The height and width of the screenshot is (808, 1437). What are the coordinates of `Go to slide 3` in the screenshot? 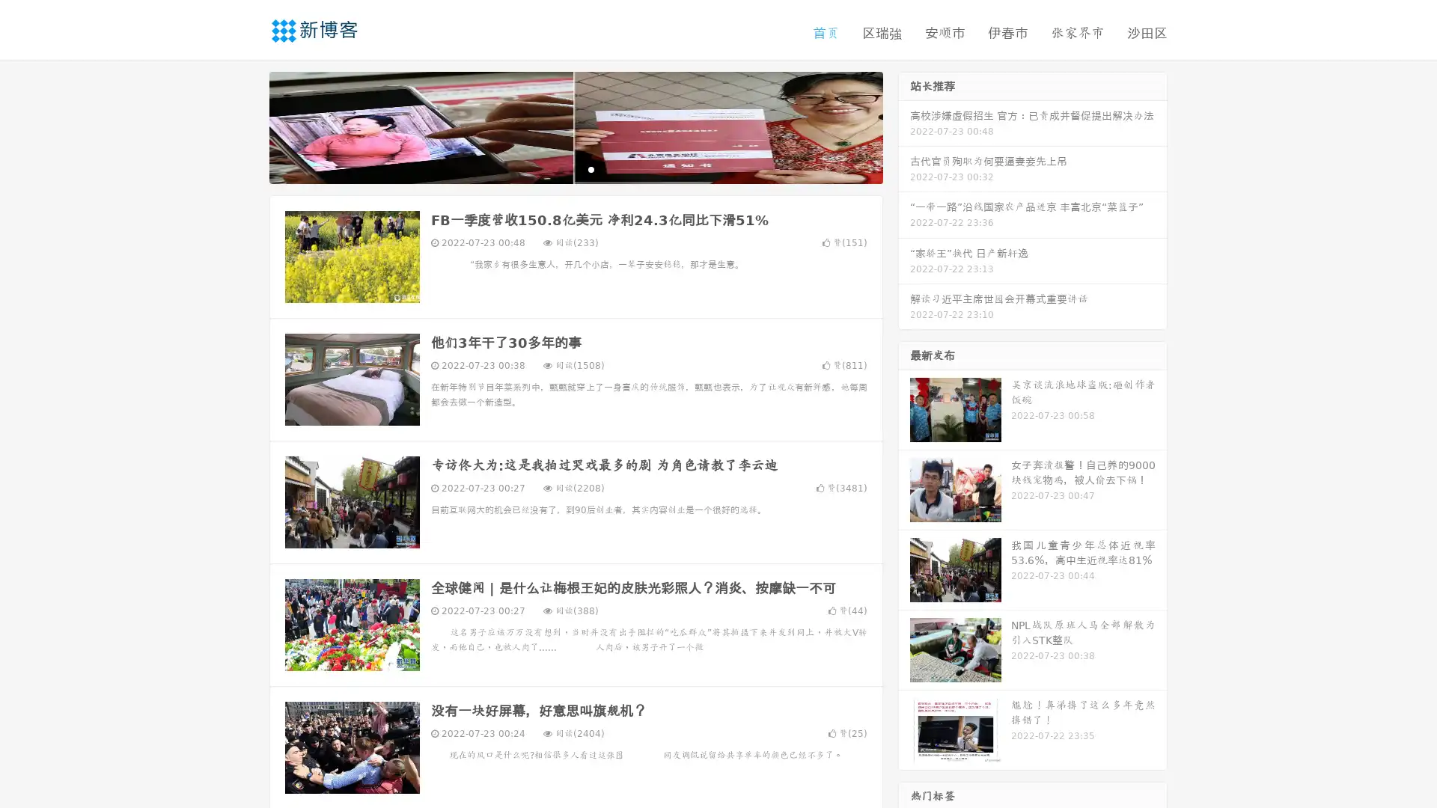 It's located at (591, 168).